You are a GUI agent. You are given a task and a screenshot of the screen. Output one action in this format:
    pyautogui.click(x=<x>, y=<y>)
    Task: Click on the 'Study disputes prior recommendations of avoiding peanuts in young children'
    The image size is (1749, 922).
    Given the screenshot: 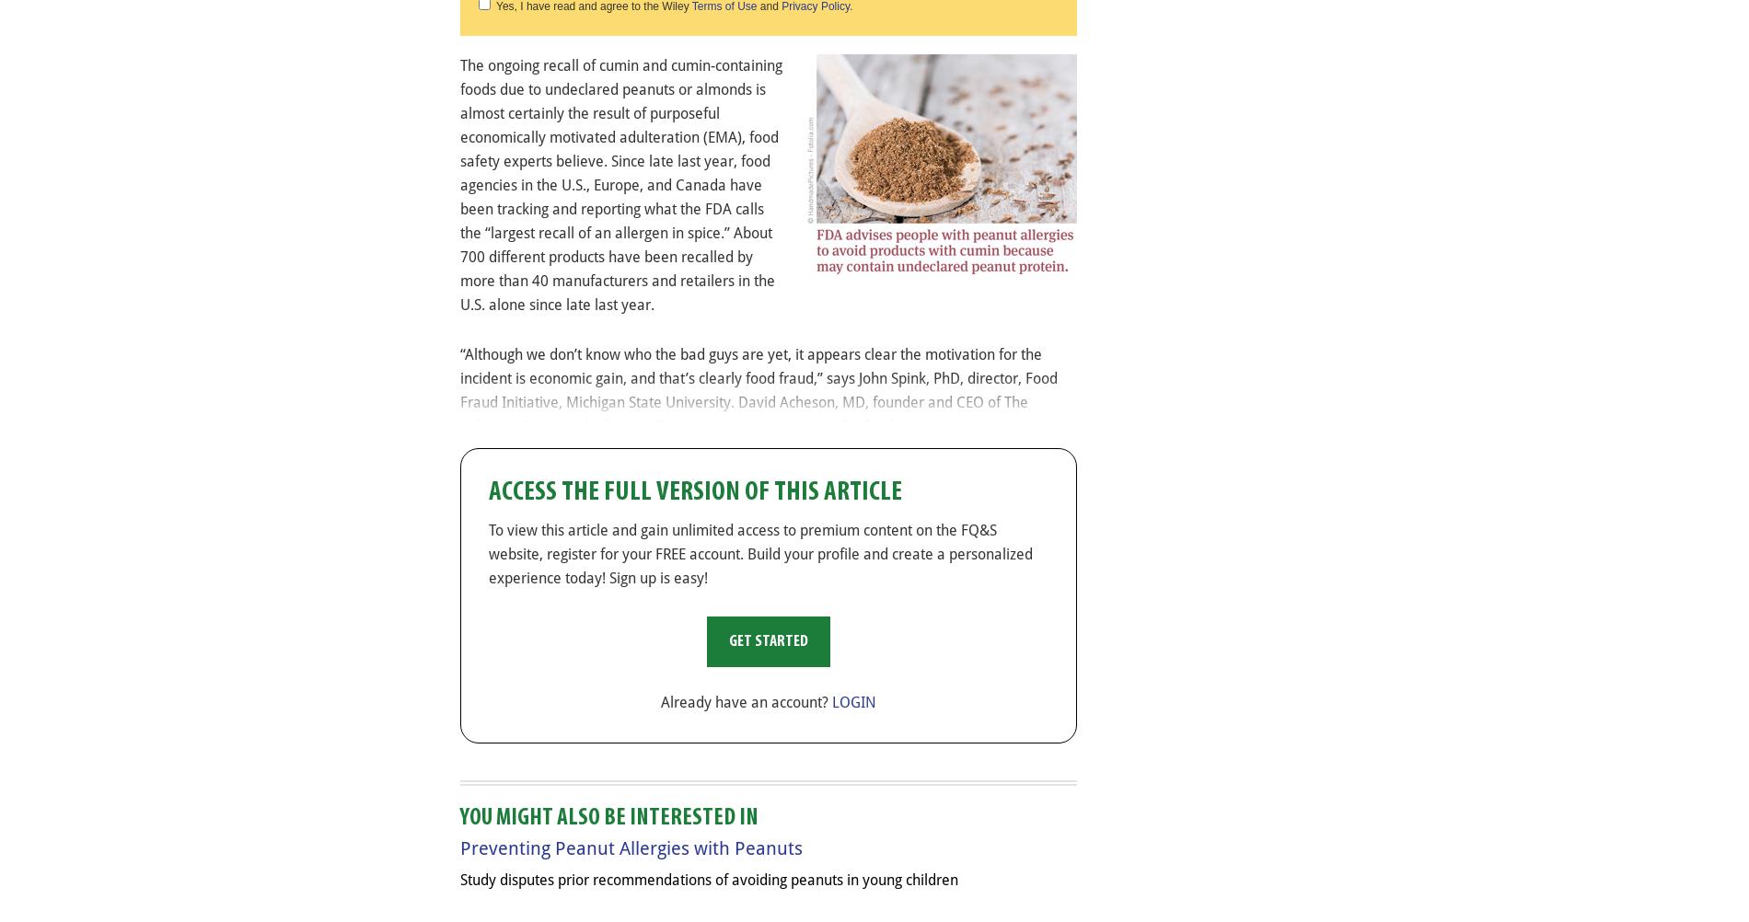 What is the action you would take?
    pyautogui.click(x=460, y=879)
    